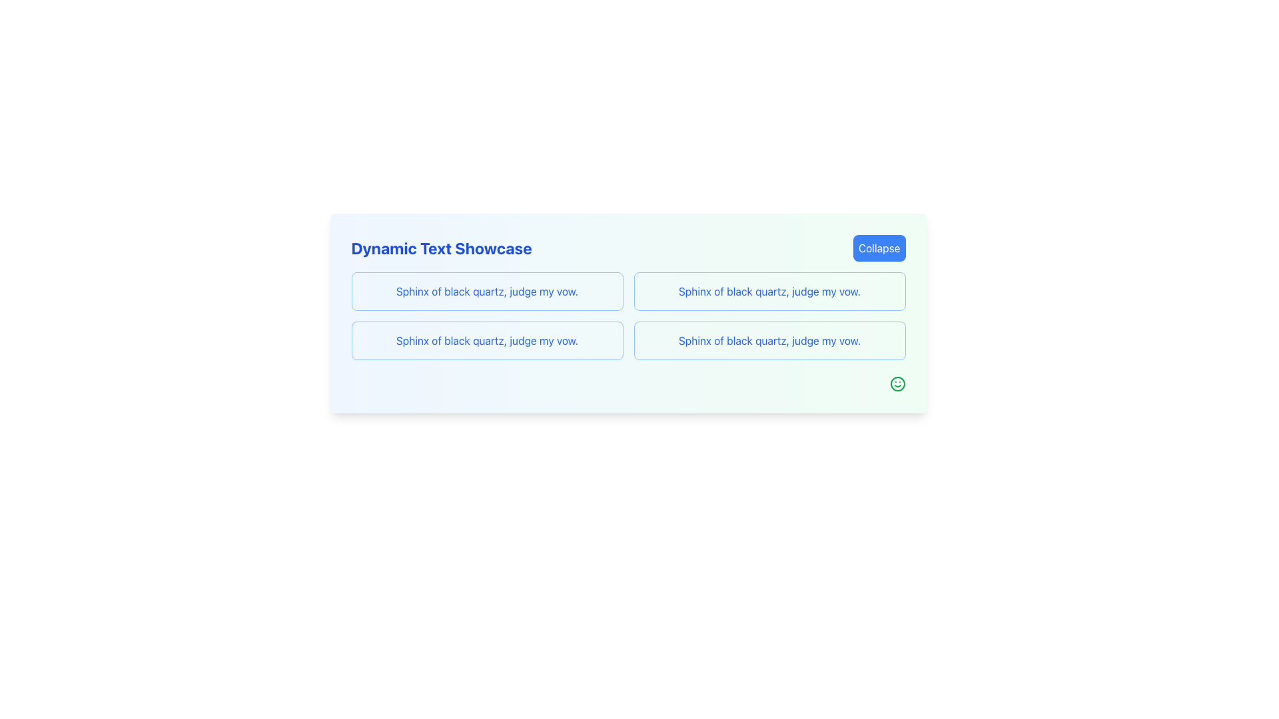 The width and height of the screenshot is (1279, 719). What do you see at coordinates (486, 340) in the screenshot?
I see `the text element displaying 'Sphinx of black quartz, judge my vow.' in bold blue font, located in the middle-left sub-section of the grid layout` at bounding box center [486, 340].